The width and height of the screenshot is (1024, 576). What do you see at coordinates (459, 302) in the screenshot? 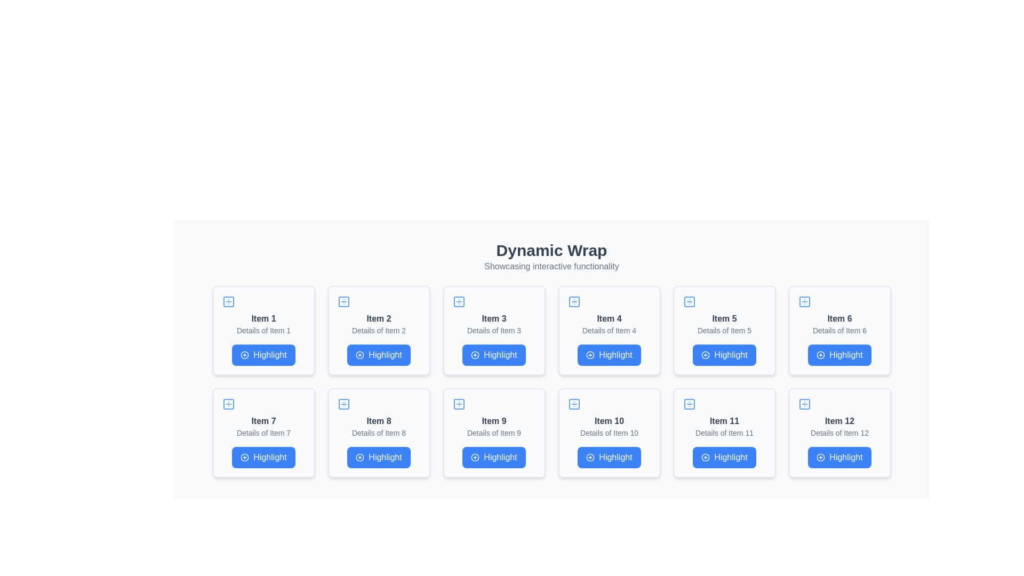
I see `the small square icon with a blue outline and a divider symbol located in the top-left section of the 'Item 3' card` at bounding box center [459, 302].